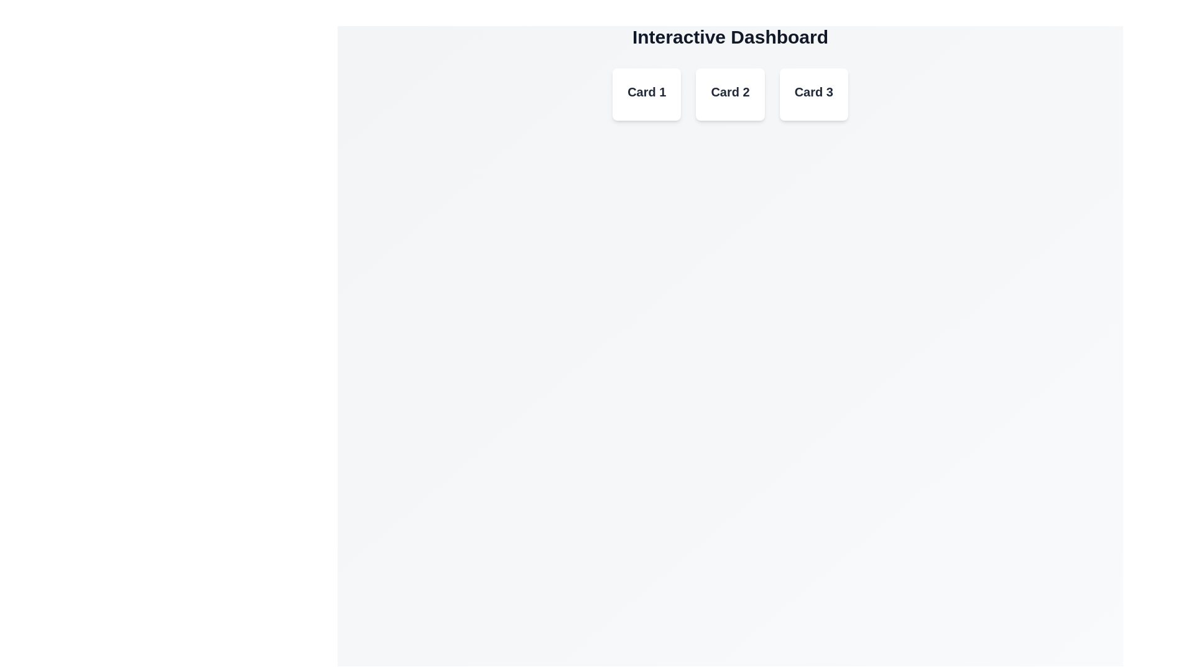 This screenshot has height=672, width=1194. Describe the element at coordinates (647, 91) in the screenshot. I see `the static text label displaying 'Card 1', which is bold, slightly larger, and dark gray, located in the first card of the horizontal row below 'Interactive Dashboard'` at that location.